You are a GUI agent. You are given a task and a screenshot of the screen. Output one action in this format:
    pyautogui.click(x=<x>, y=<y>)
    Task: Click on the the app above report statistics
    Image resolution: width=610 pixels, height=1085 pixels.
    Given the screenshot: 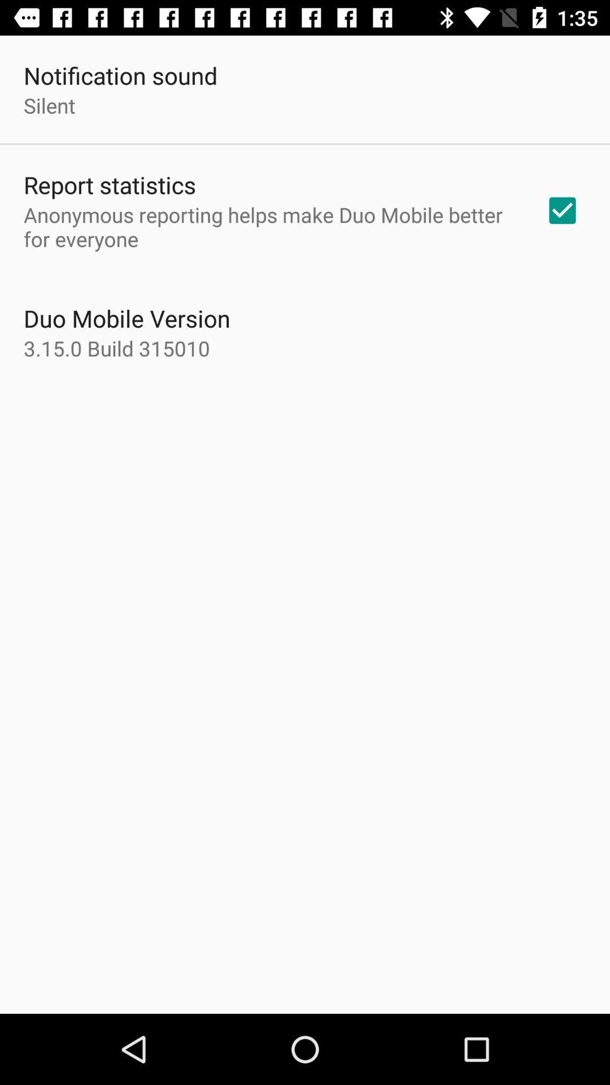 What is the action you would take?
    pyautogui.click(x=49, y=105)
    